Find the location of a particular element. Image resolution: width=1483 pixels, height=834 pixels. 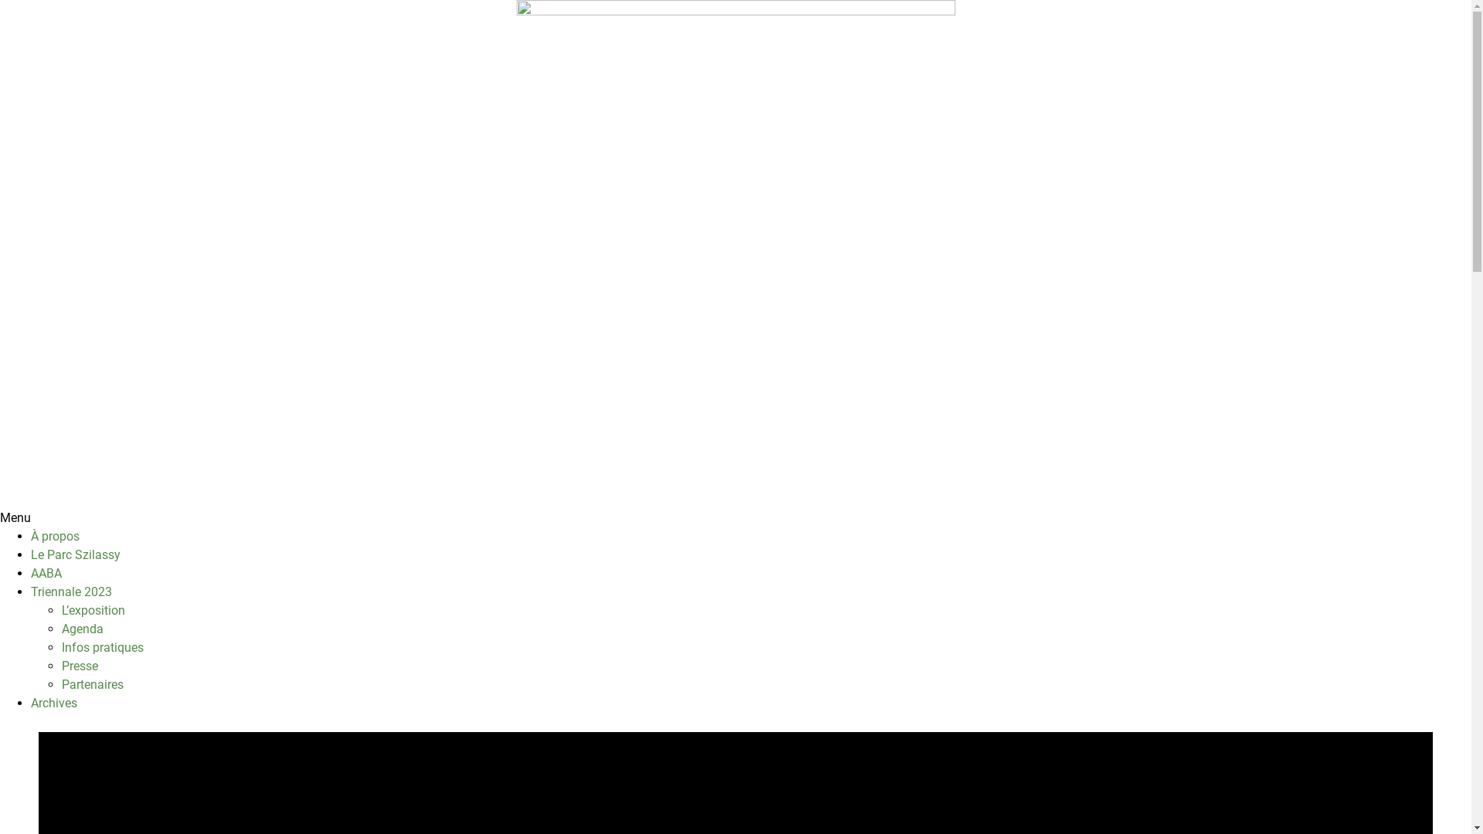

'Triennale 2023' is located at coordinates (70, 591).